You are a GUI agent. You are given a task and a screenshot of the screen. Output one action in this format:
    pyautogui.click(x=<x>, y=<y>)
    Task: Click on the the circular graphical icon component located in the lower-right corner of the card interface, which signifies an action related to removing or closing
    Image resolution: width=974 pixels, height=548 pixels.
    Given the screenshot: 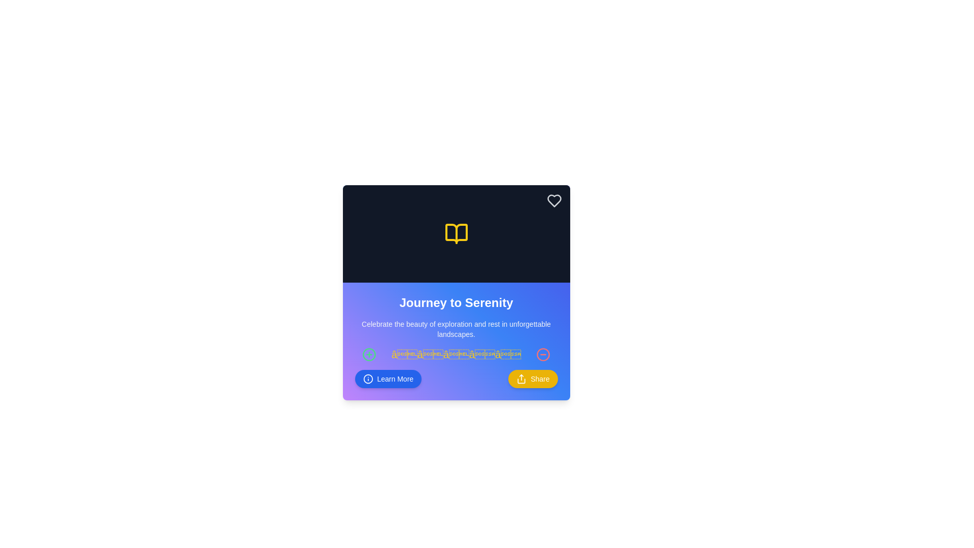 What is the action you would take?
    pyautogui.click(x=542, y=354)
    